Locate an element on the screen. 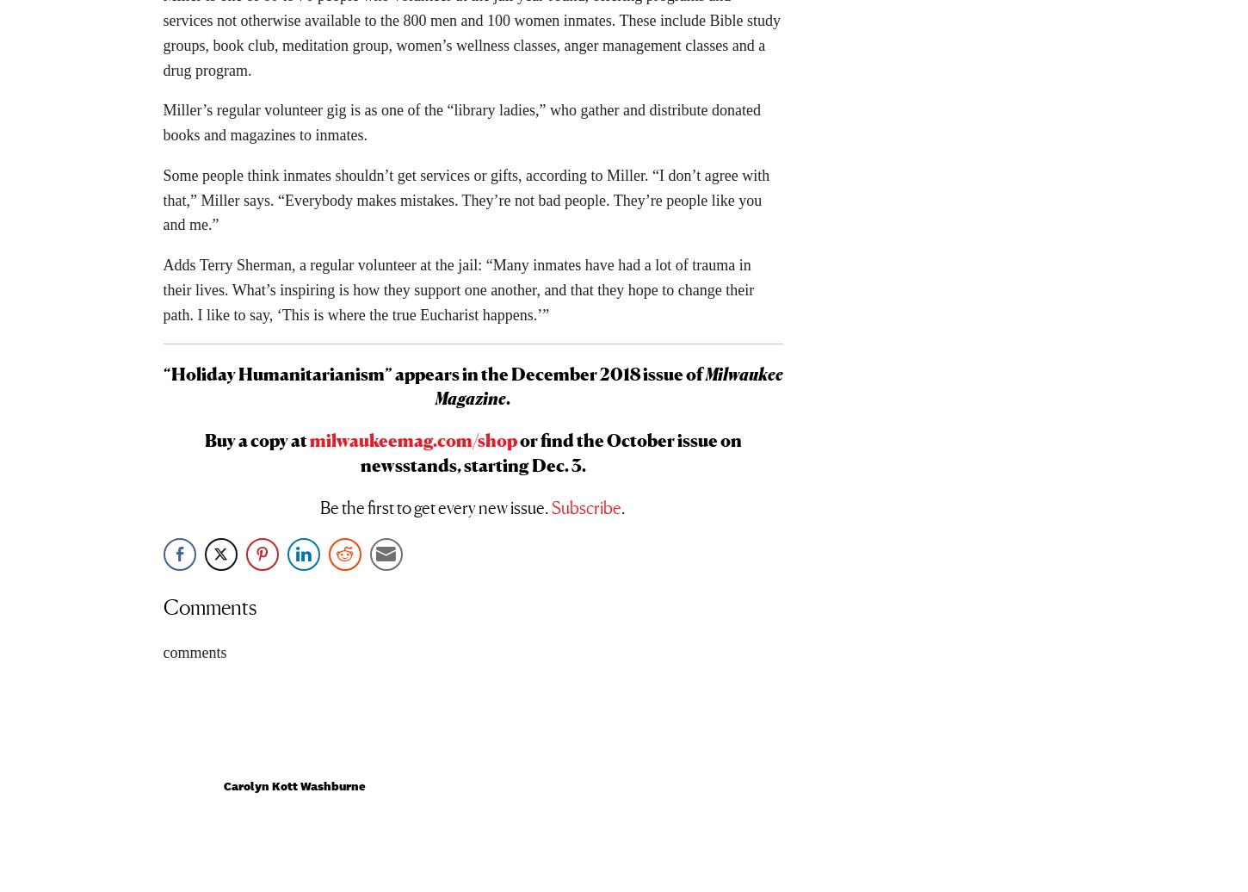 This screenshot has height=892, width=1248. 'comments' is located at coordinates (194, 658).